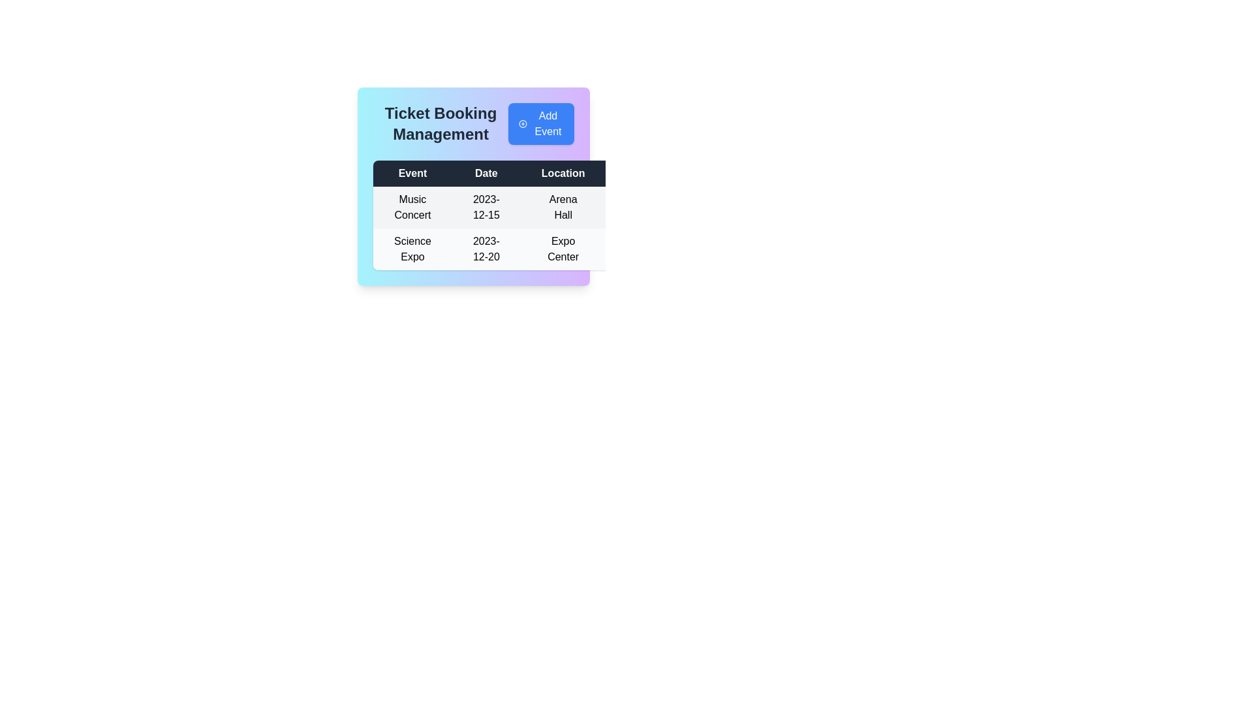 The width and height of the screenshot is (1253, 705). What do you see at coordinates (523, 123) in the screenshot?
I see `the circular icon with a plus sign inside, located to the left of the 'Add Event' text label in the blue button` at bounding box center [523, 123].